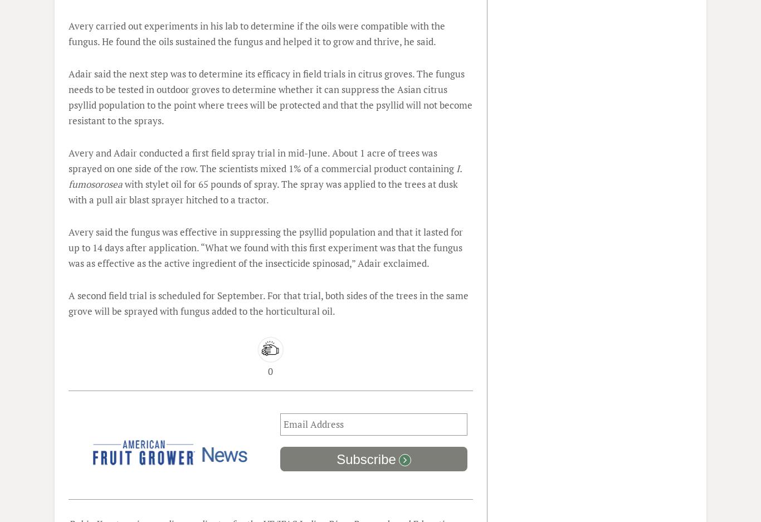 The height and width of the screenshot is (522, 761). What do you see at coordinates (262, 160) in the screenshot?
I see `'Avery and Adair conducted a first field spray trial in mid-June. About 1 acre of trees was sprayed on one side of the row. The scientists mixed 1% of a commercial product containing'` at bounding box center [262, 160].